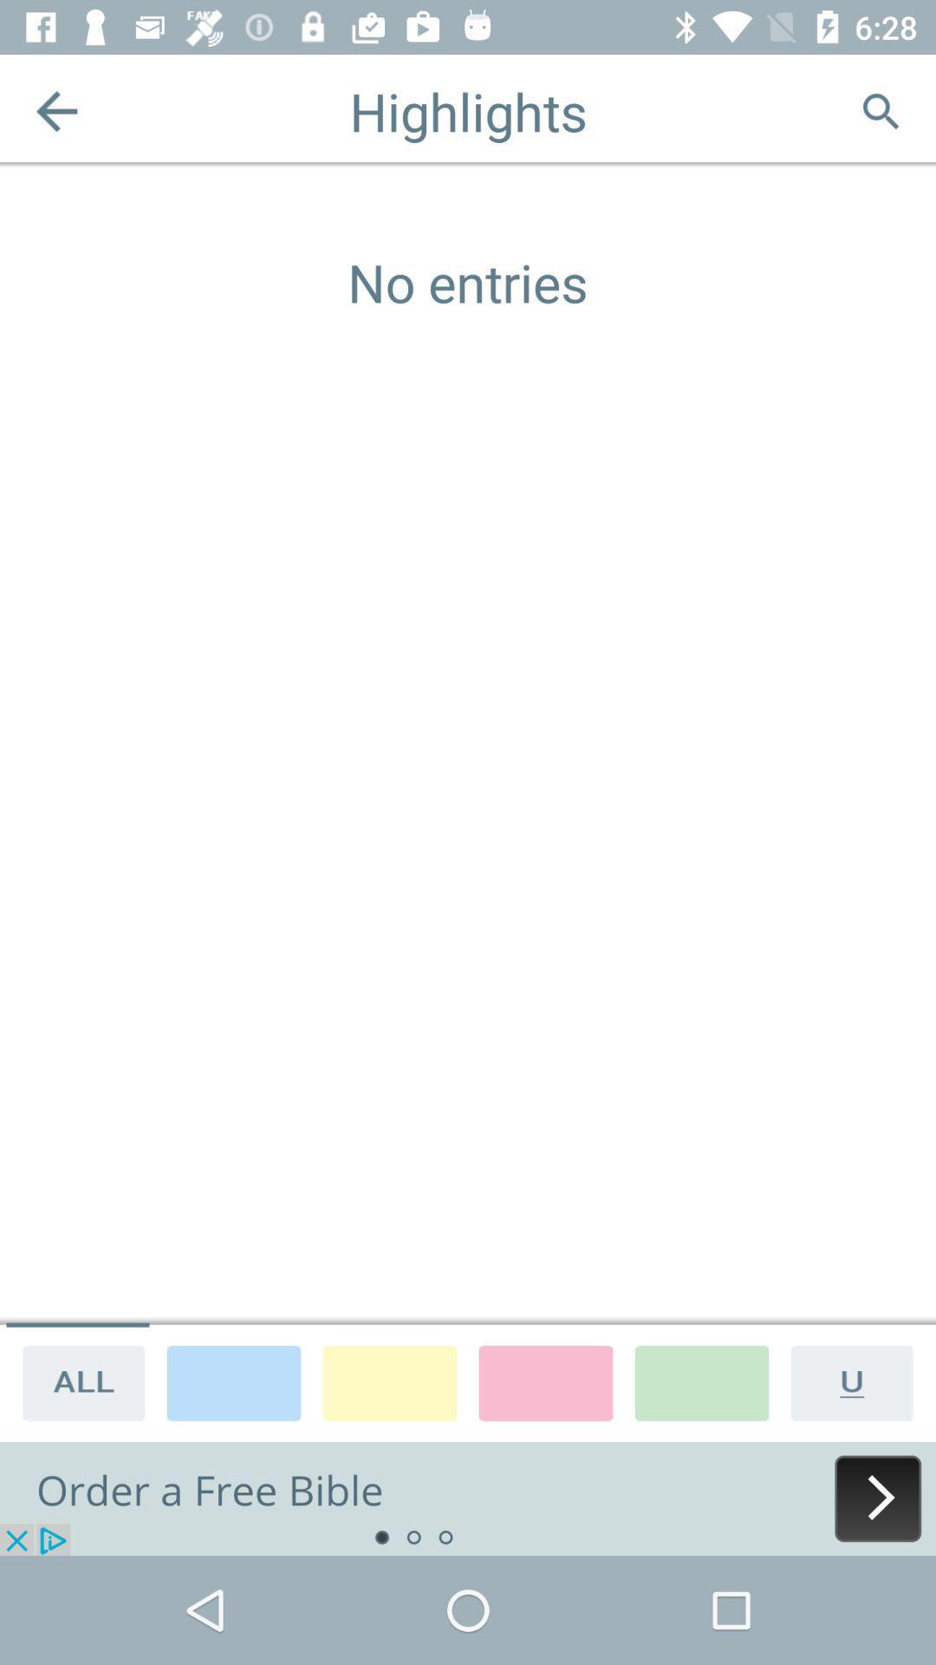 The image size is (936, 1665). Describe the element at coordinates (390, 1381) in the screenshot. I see `choose color` at that location.